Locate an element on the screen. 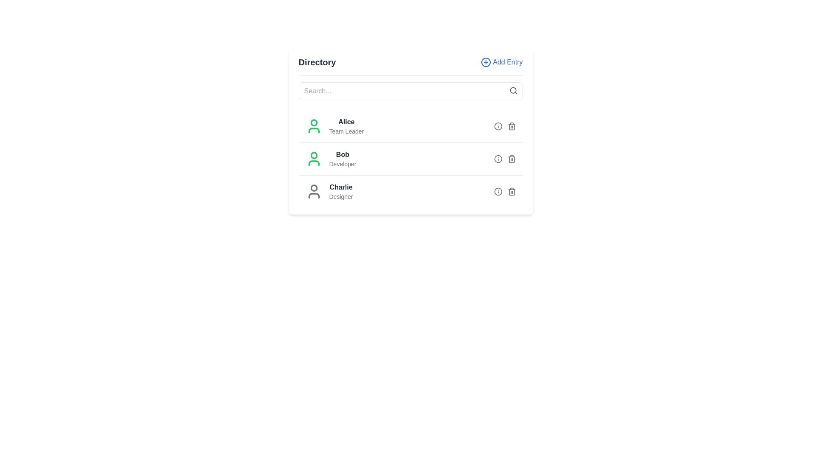  the circular icon button with a hollow center and a dot inside, located adjacent to the right side of the name 'Bob' in the second row of the directory list is located at coordinates (498, 159).